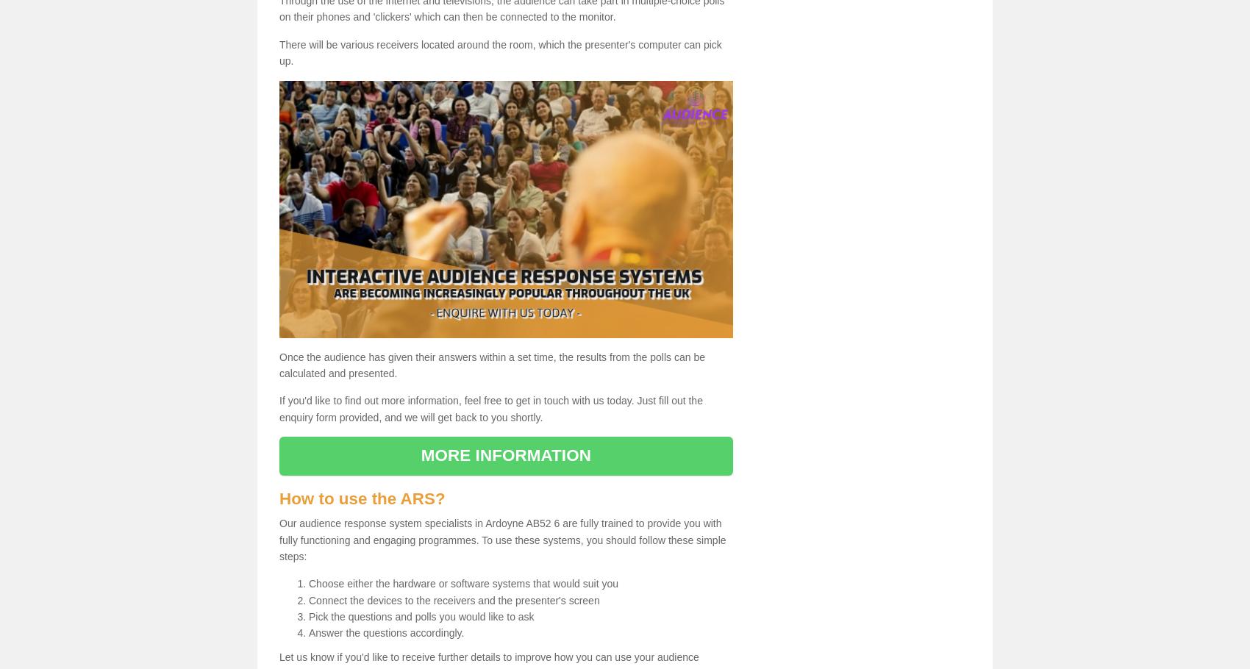 The image size is (1250, 669). I want to click on 'Our audience response system specialists in Ardoyne AB52 6 are fully trained to provide you with fully functioning and engaging programmes. To use these systems, you should follow these simple steps:', so click(502, 539).